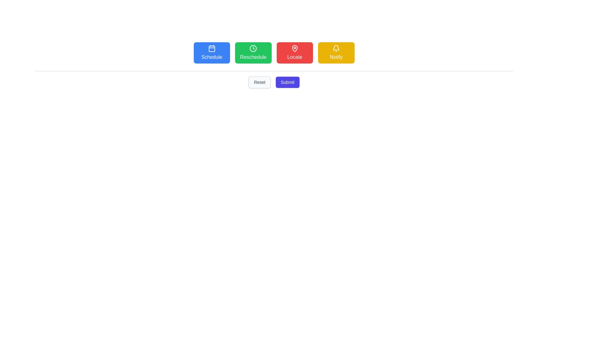 This screenshot has height=338, width=601. I want to click on the notification trigger button, which is the fourth button in a horizontal row following the 'Schedule', 'Reschedule', and 'Locate' buttons, so click(336, 53).